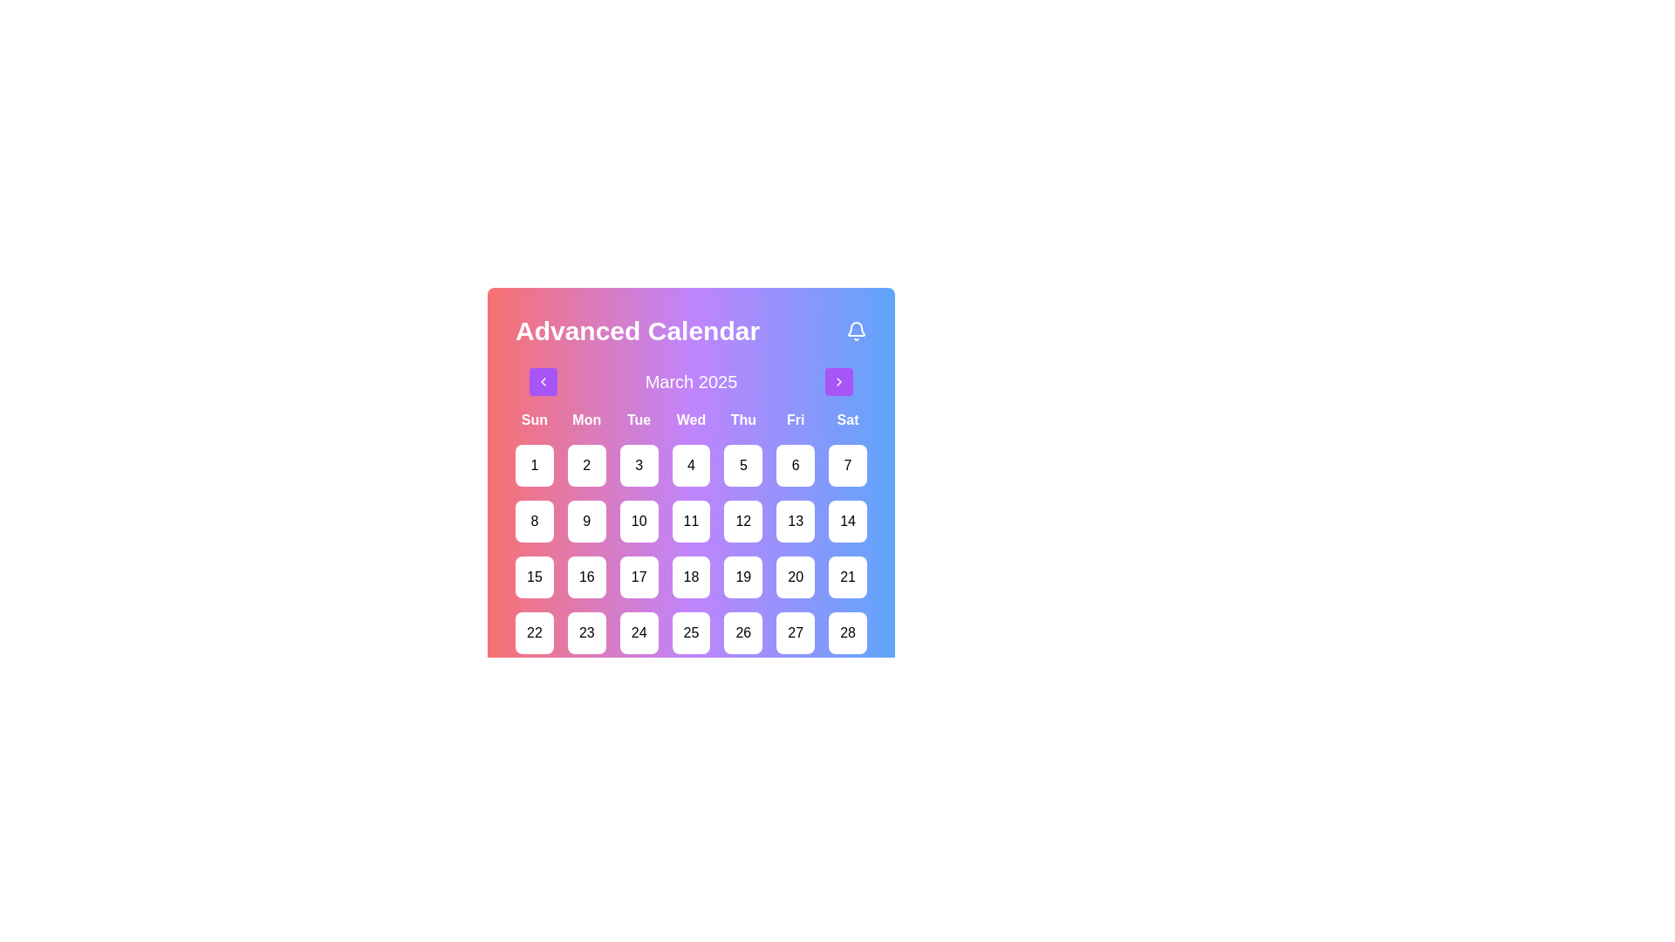 The width and height of the screenshot is (1675, 942). What do you see at coordinates (690, 559) in the screenshot?
I see `the individual date cells in the calendar grid layout` at bounding box center [690, 559].